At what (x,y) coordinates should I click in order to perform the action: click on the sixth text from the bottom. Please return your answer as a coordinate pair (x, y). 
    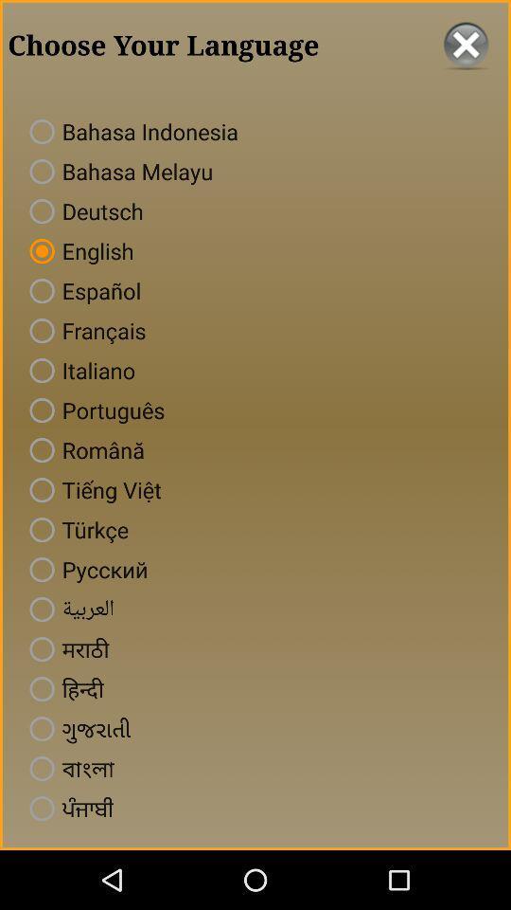
    Looking at the image, I should click on (67, 609).